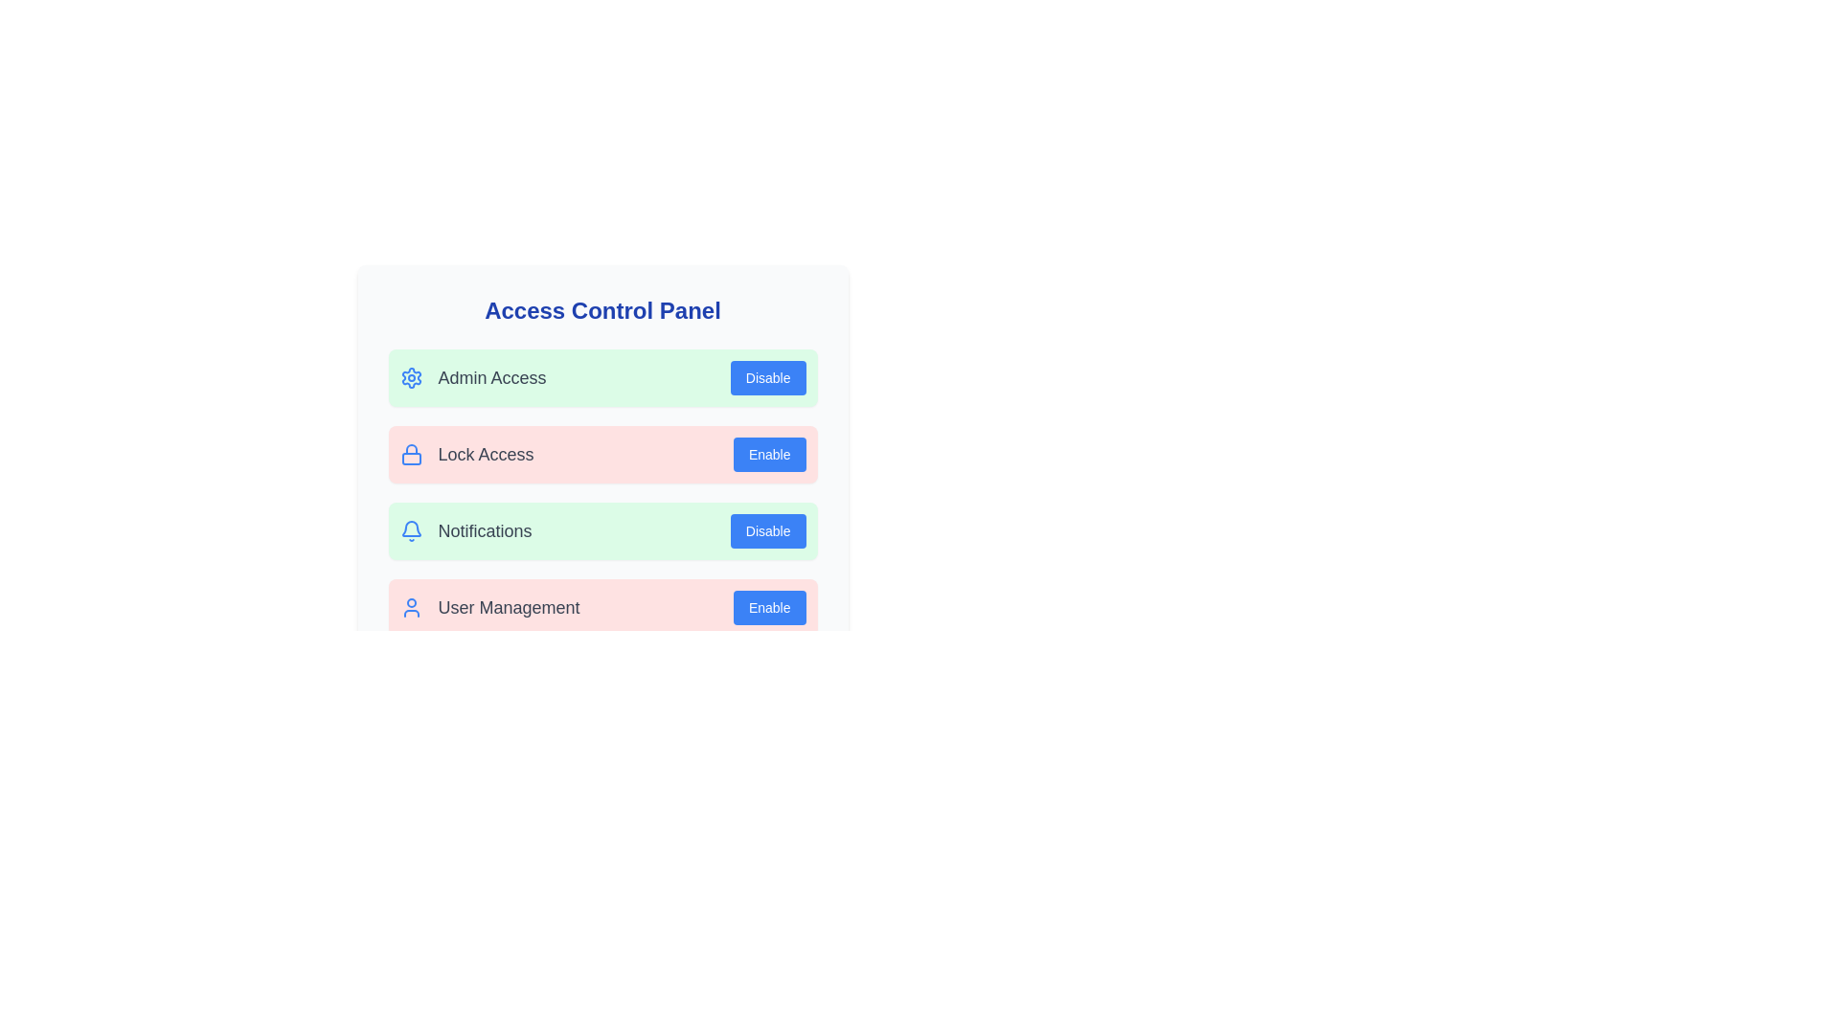  Describe the element at coordinates (767, 531) in the screenshot. I see `the button labeled Disable Notifications` at that location.